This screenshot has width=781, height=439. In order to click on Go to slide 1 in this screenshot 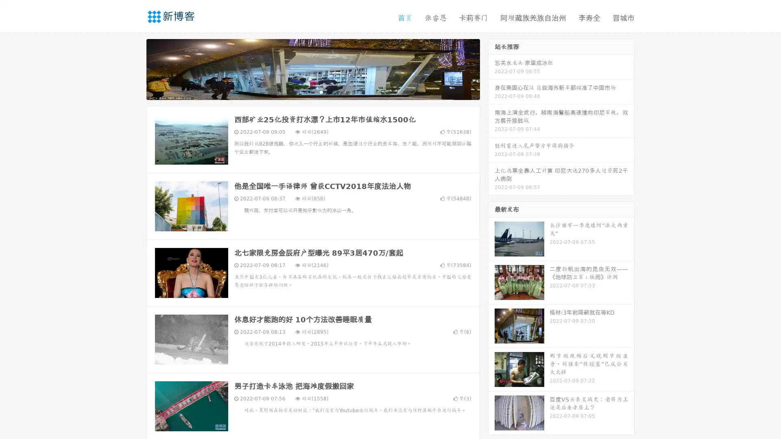, I will do `click(304, 91)`.